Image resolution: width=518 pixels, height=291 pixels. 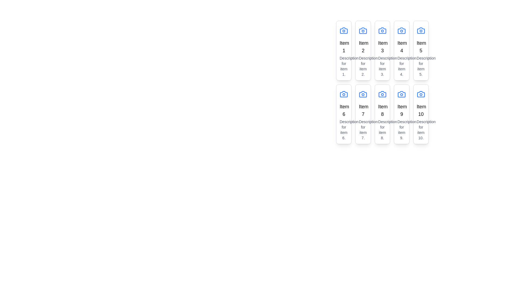 I want to click on the card component labeled 'Item 9' which has rounded corners and a shadow effect, located in the second row of a grid layout, so click(x=401, y=114).